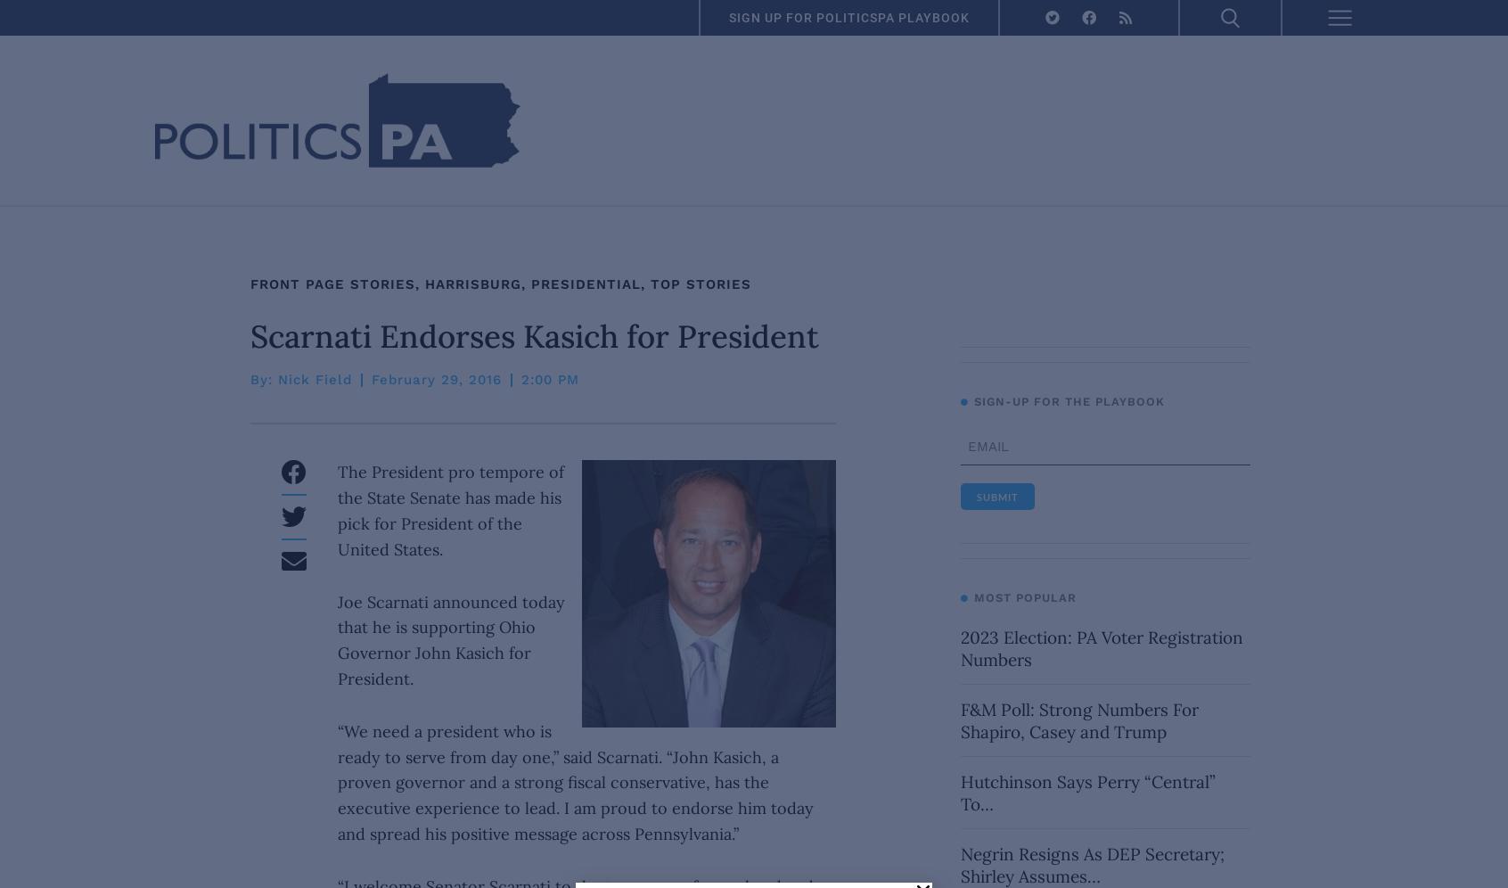 Image resolution: width=1508 pixels, height=888 pixels. What do you see at coordinates (1086, 792) in the screenshot?
I see `'Hutchinson Says Perry “Central” To…'` at bounding box center [1086, 792].